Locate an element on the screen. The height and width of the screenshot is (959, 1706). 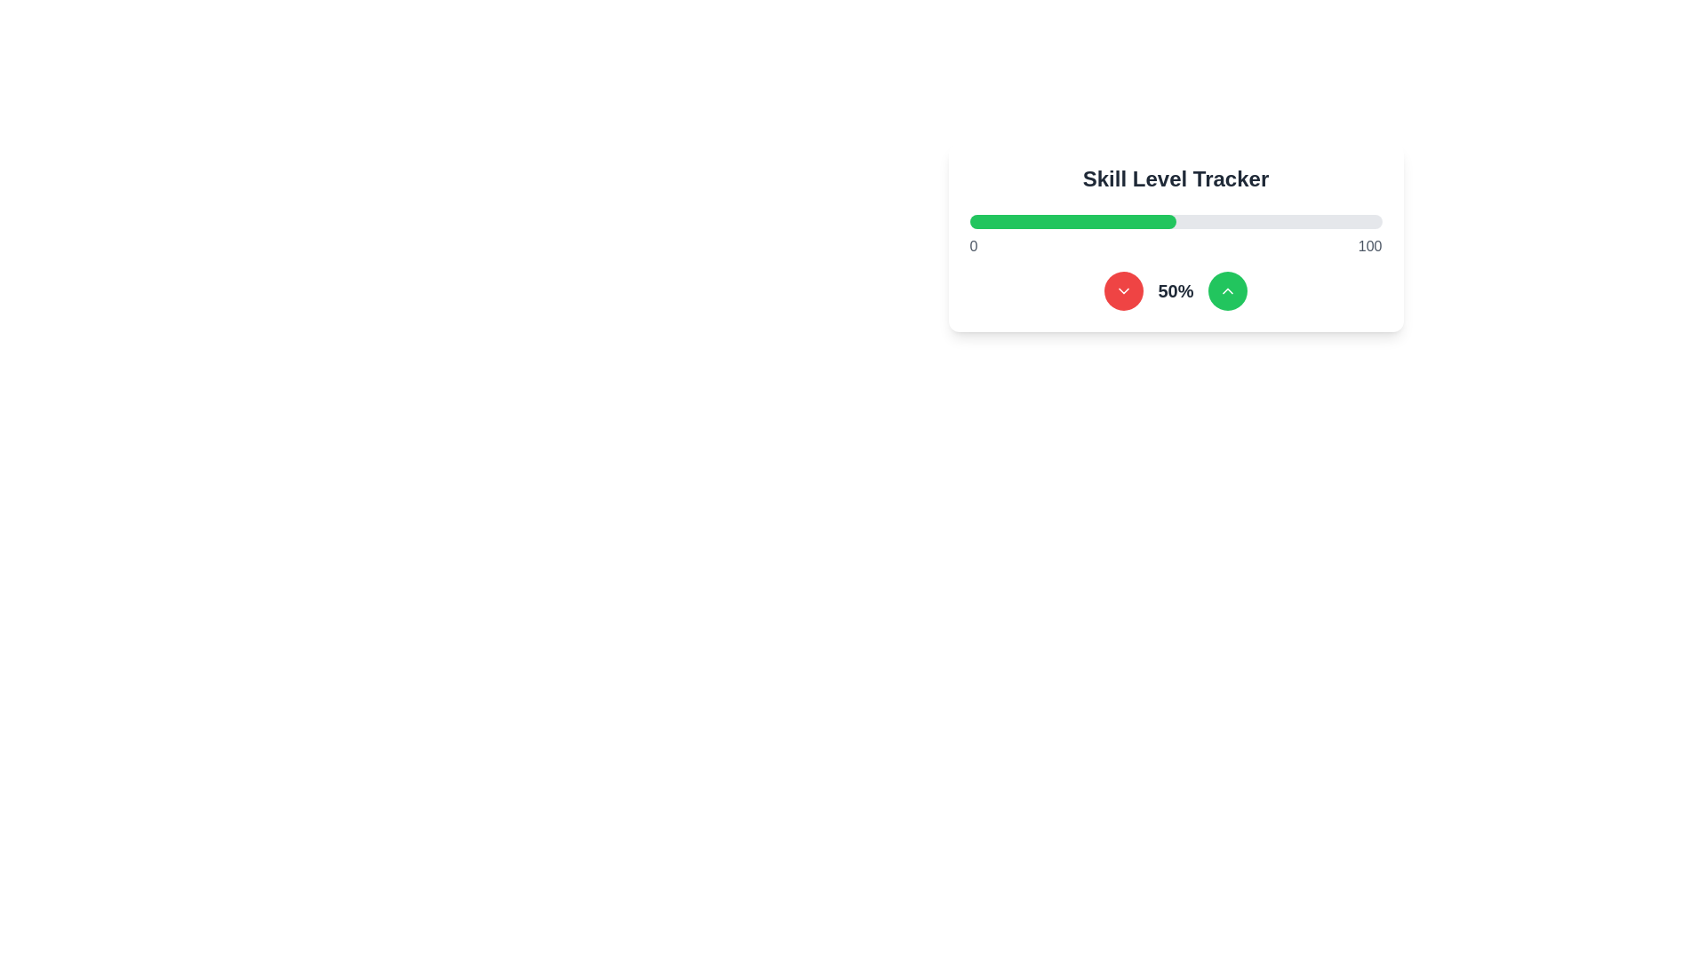
the text label displaying '50%' which is centered between a red circular button with a downward arrow and a green circular button with an upward arrow is located at coordinates (1176, 289).